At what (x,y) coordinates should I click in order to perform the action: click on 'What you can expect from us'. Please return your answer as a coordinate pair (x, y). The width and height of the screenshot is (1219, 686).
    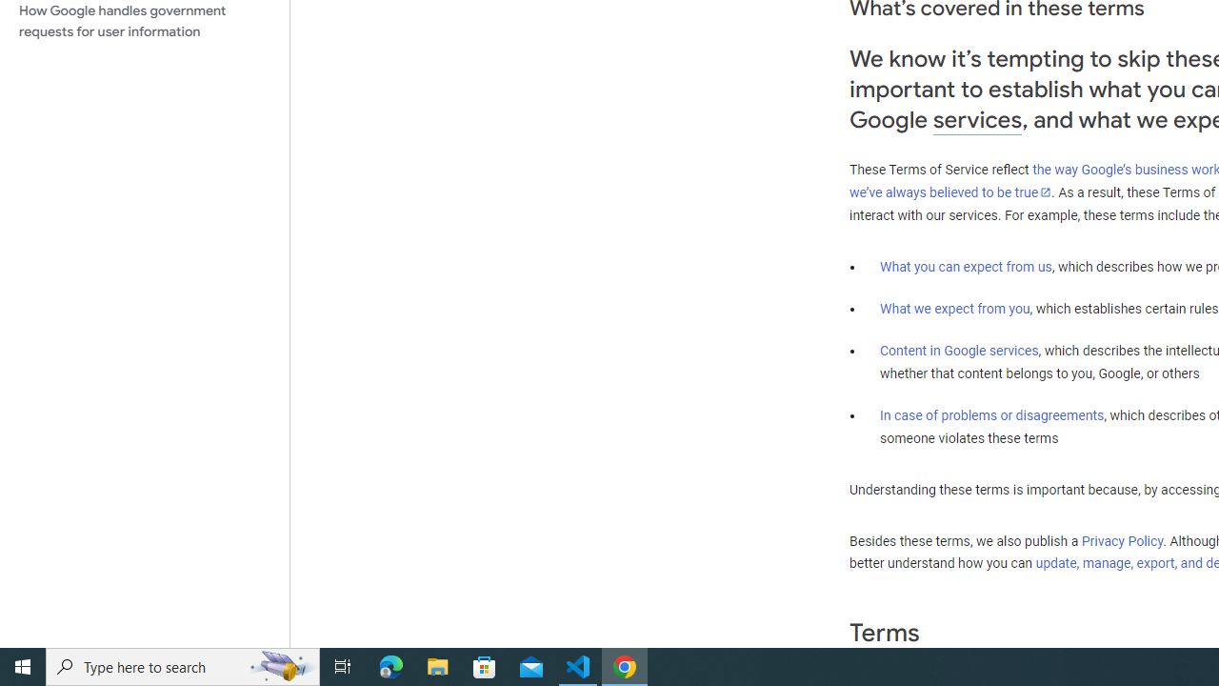
    Looking at the image, I should click on (966, 266).